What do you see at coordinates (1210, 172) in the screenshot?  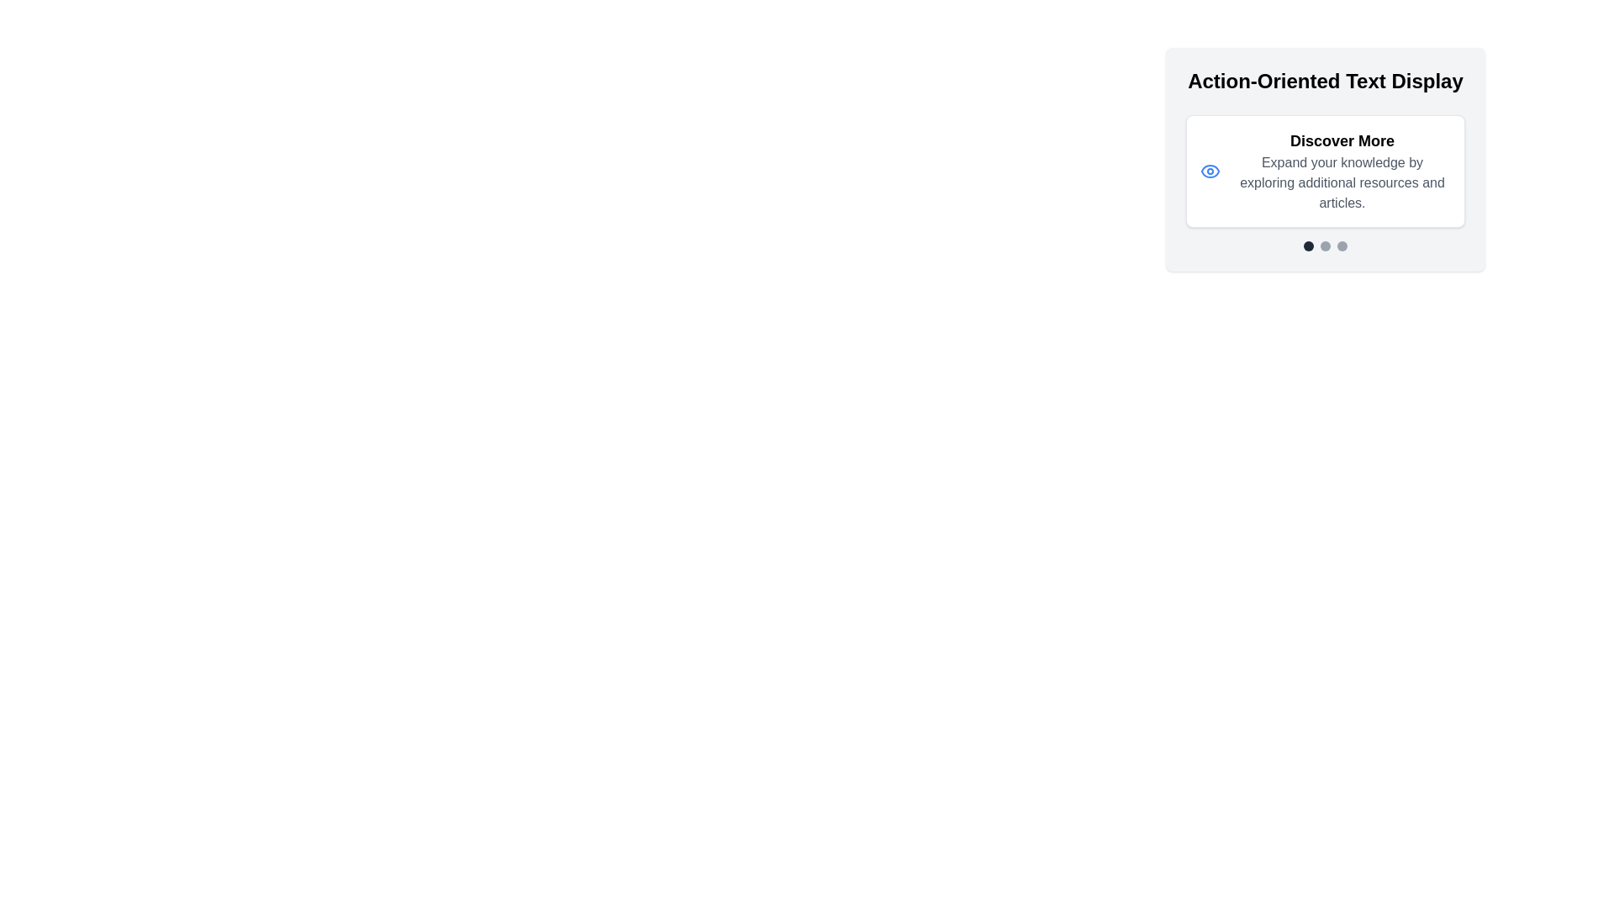 I see `the blue eye icon located within the 'Discover More' card` at bounding box center [1210, 172].